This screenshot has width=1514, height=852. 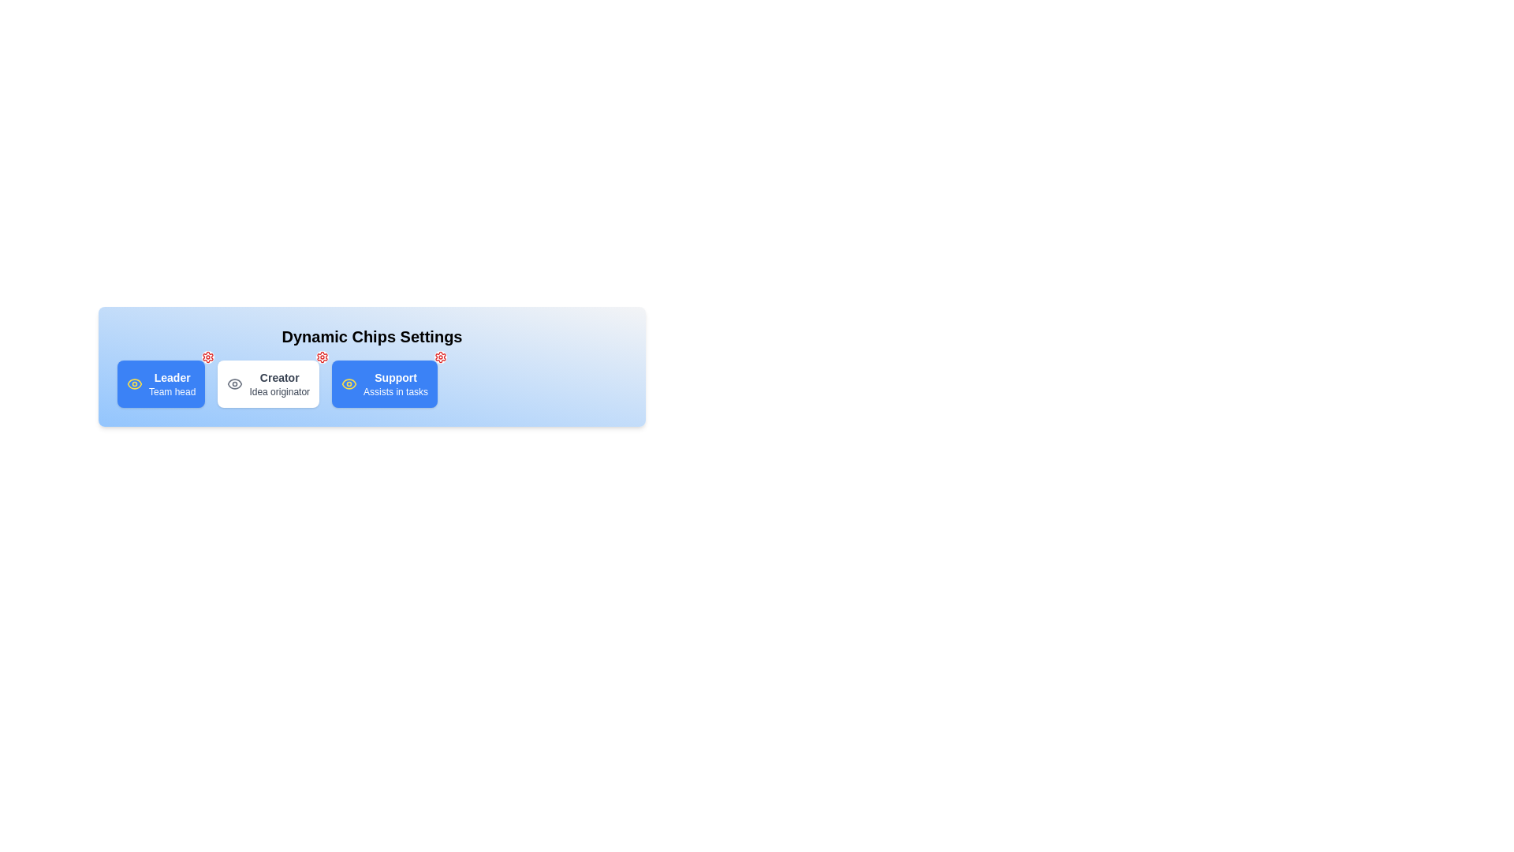 What do you see at coordinates (161, 383) in the screenshot?
I see `the chip labeled Leader to toggle its active state` at bounding box center [161, 383].